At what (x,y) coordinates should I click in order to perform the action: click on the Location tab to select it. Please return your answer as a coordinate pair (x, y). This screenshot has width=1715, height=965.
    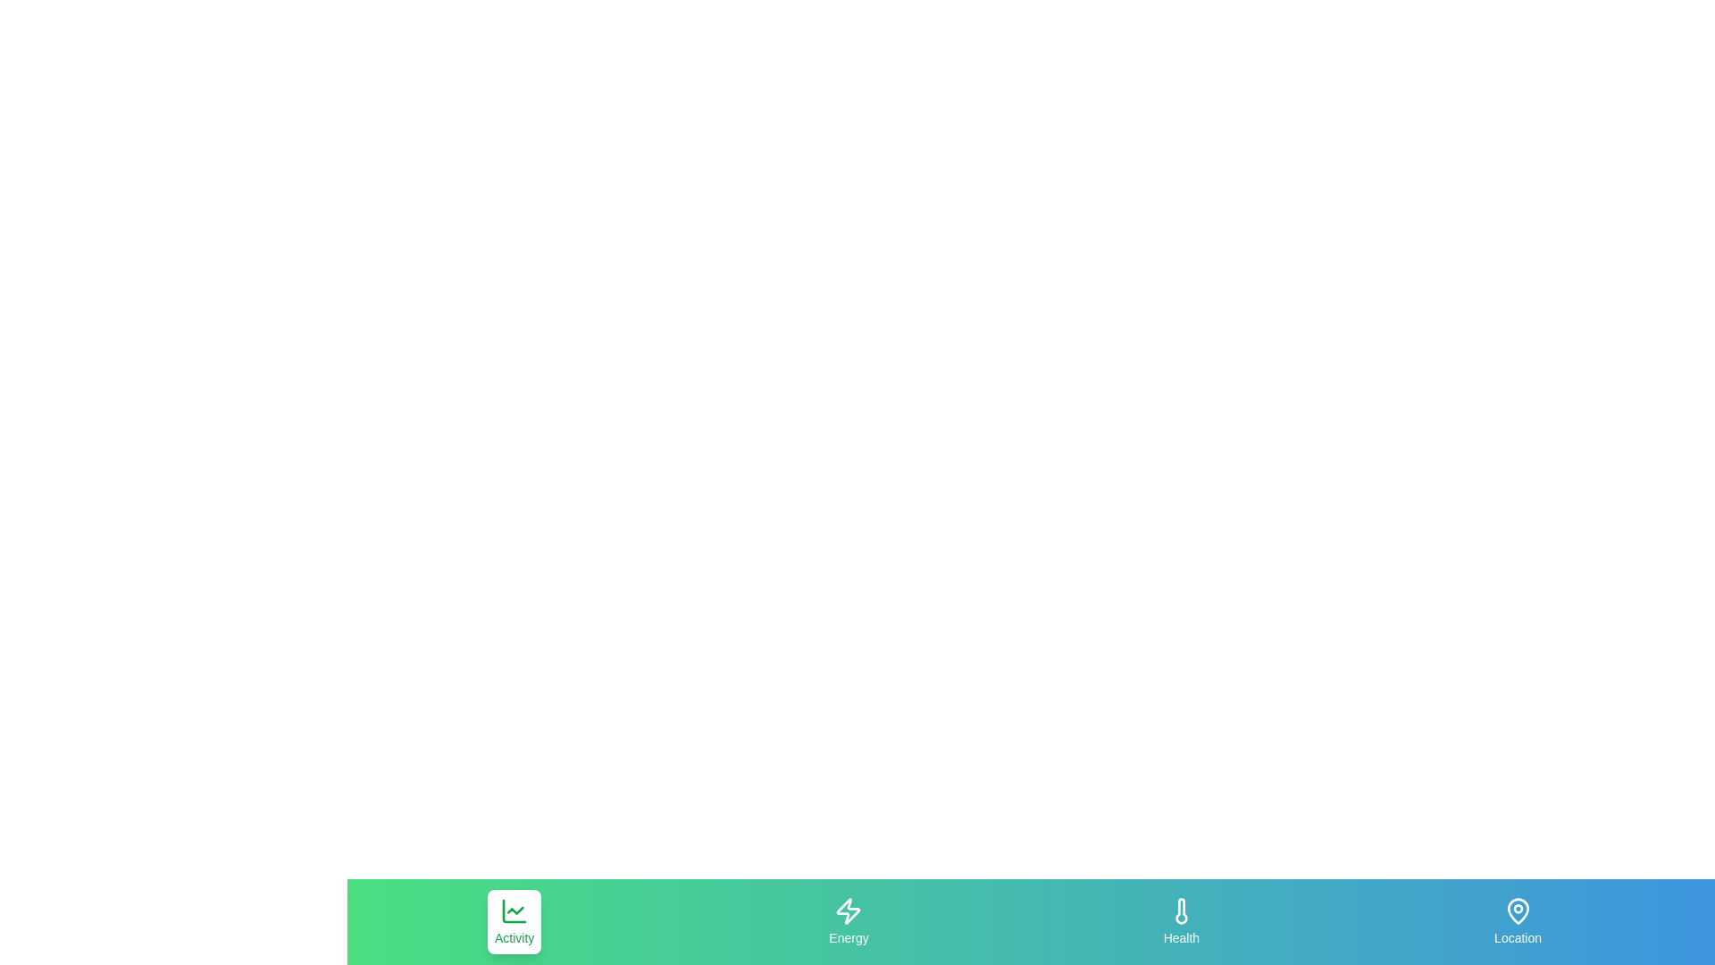
    Looking at the image, I should click on (1517, 922).